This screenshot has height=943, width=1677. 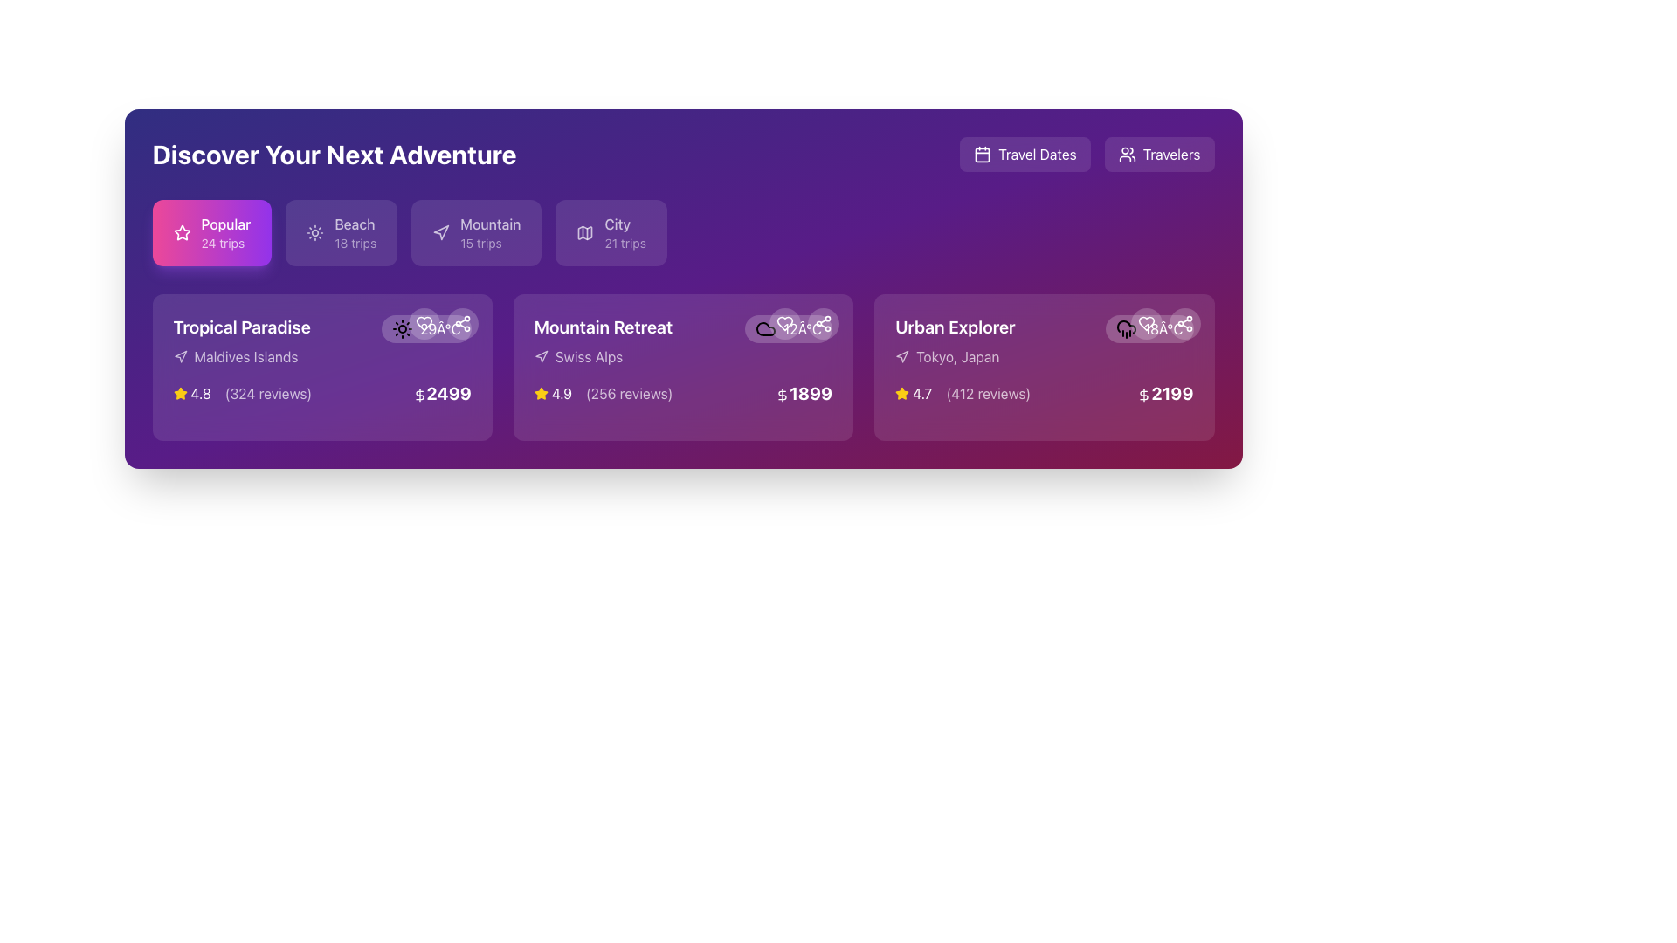 What do you see at coordinates (803, 394) in the screenshot?
I see `the price text label for the 'Mountain Retreat' offering, located at the bottom of its section within the travel options list` at bounding box center [803, 394].